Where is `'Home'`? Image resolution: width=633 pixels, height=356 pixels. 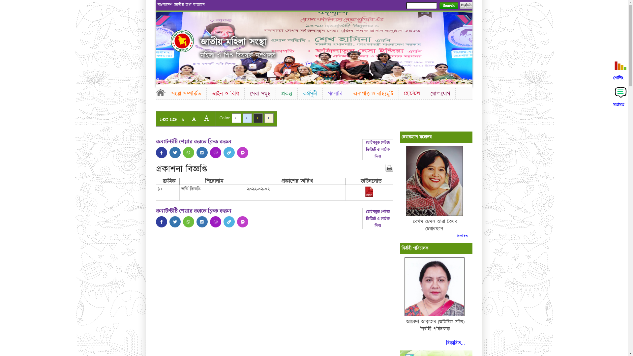
'Home' is located at coordinates (160, 92).